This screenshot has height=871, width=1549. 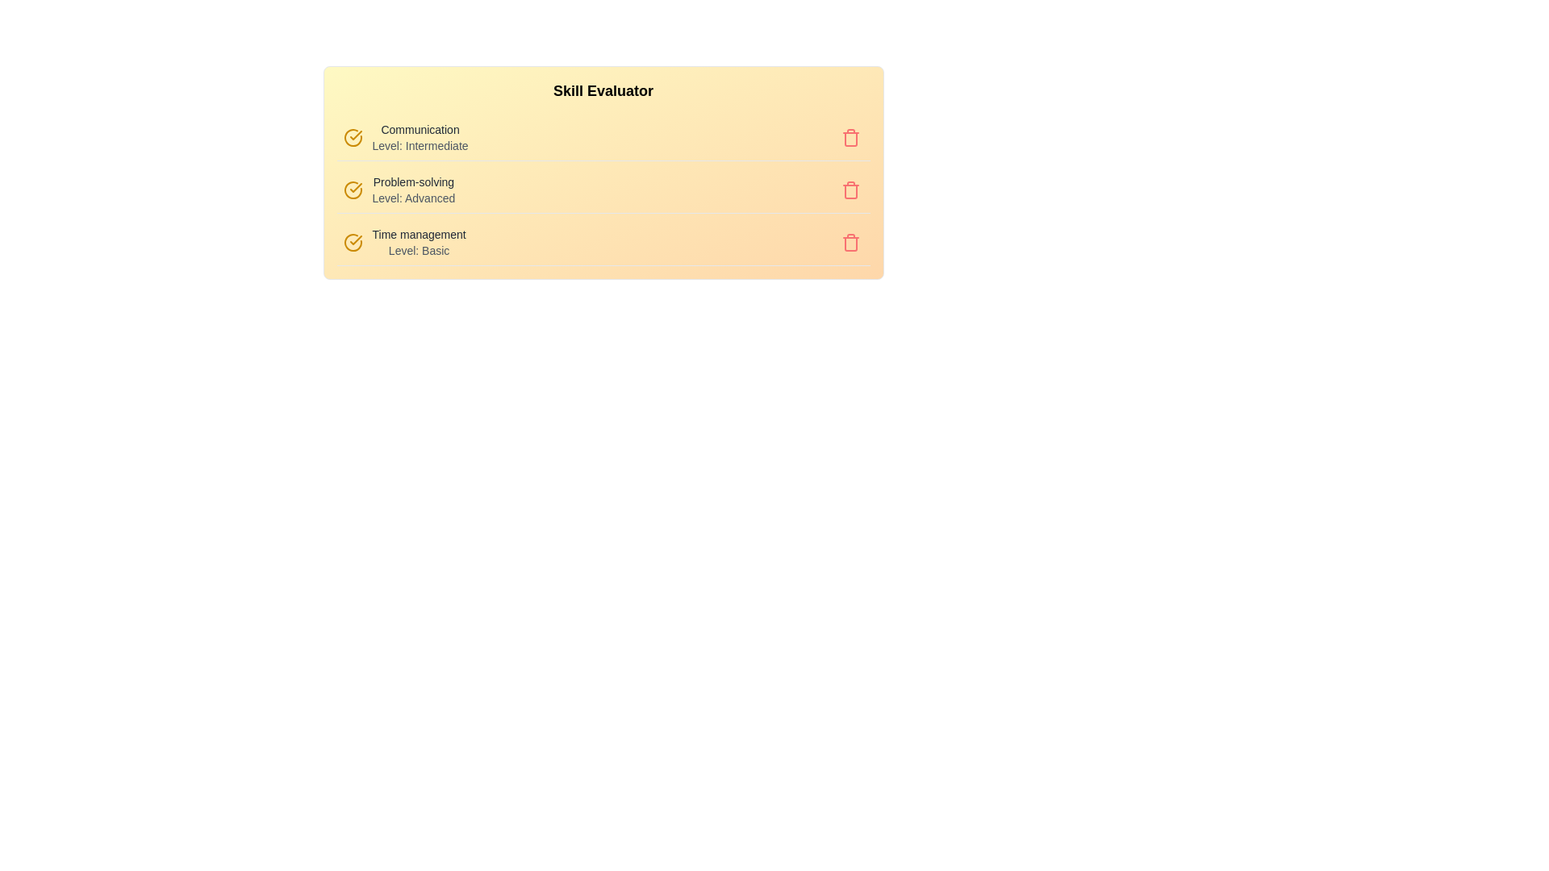 What do you see at coordinates (850, 189) in the screenshot?
I see `the trash button corresponding to the skill Problem-solving` at bounding box center [850, 189].